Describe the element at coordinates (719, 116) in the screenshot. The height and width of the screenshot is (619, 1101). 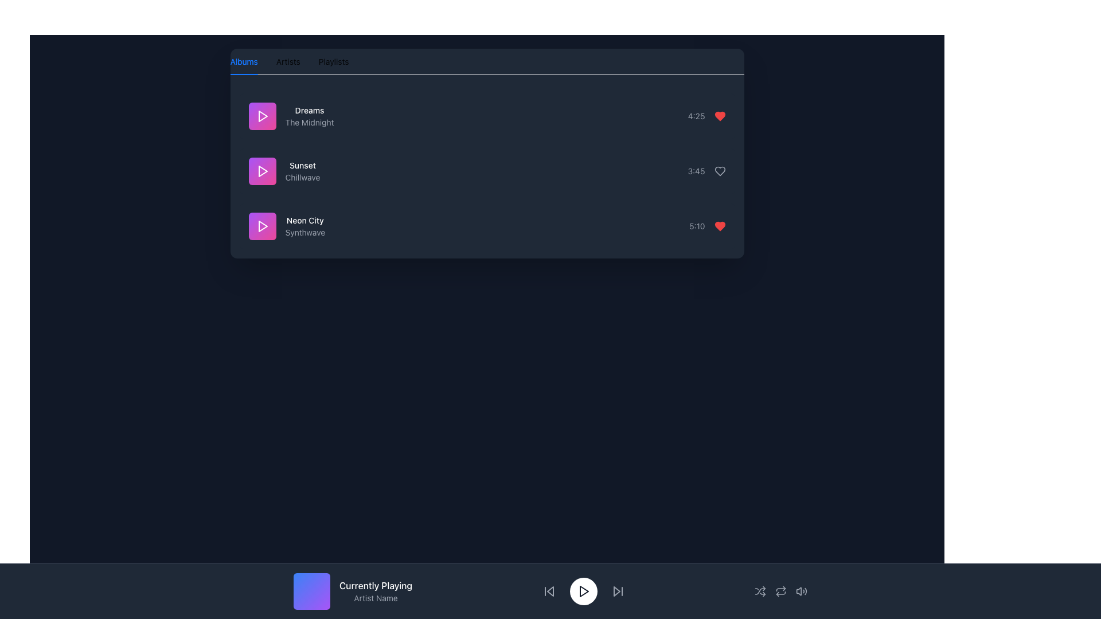
I see `the favorite button (heart icon) located on the right side of the song 'Dreams'` at that location.